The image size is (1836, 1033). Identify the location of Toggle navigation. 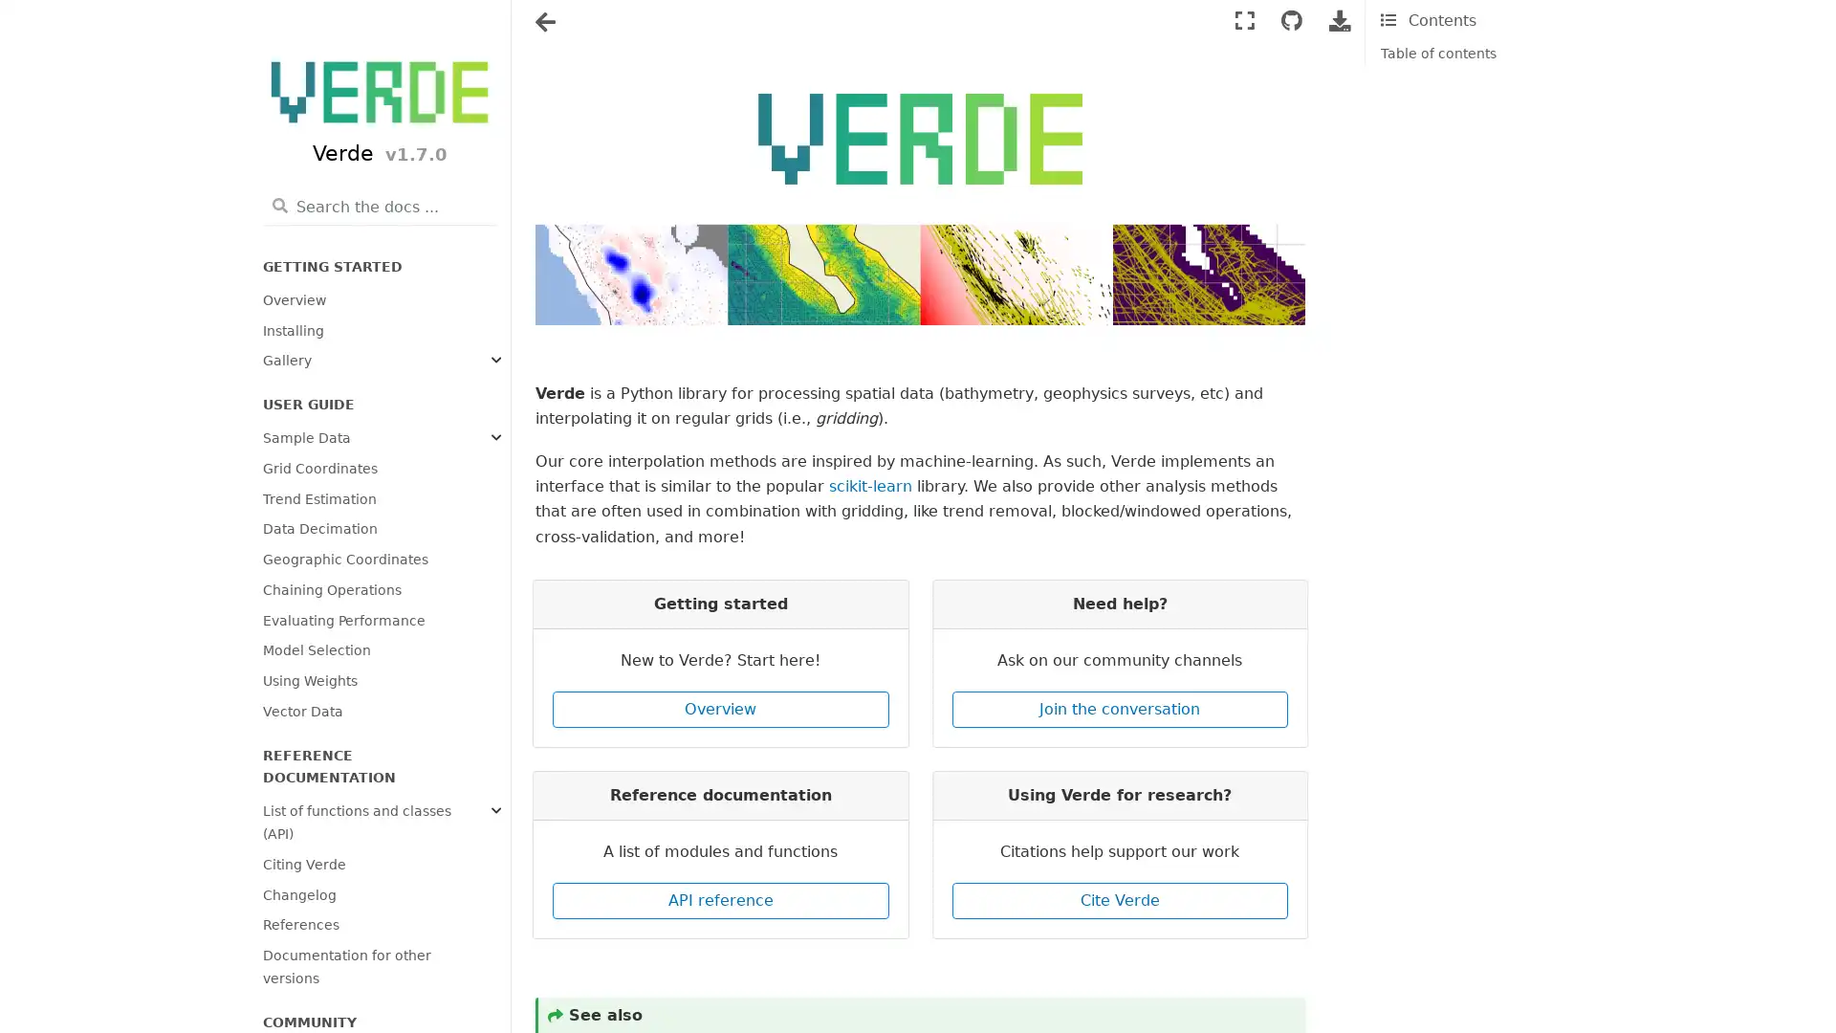
(545, 22).